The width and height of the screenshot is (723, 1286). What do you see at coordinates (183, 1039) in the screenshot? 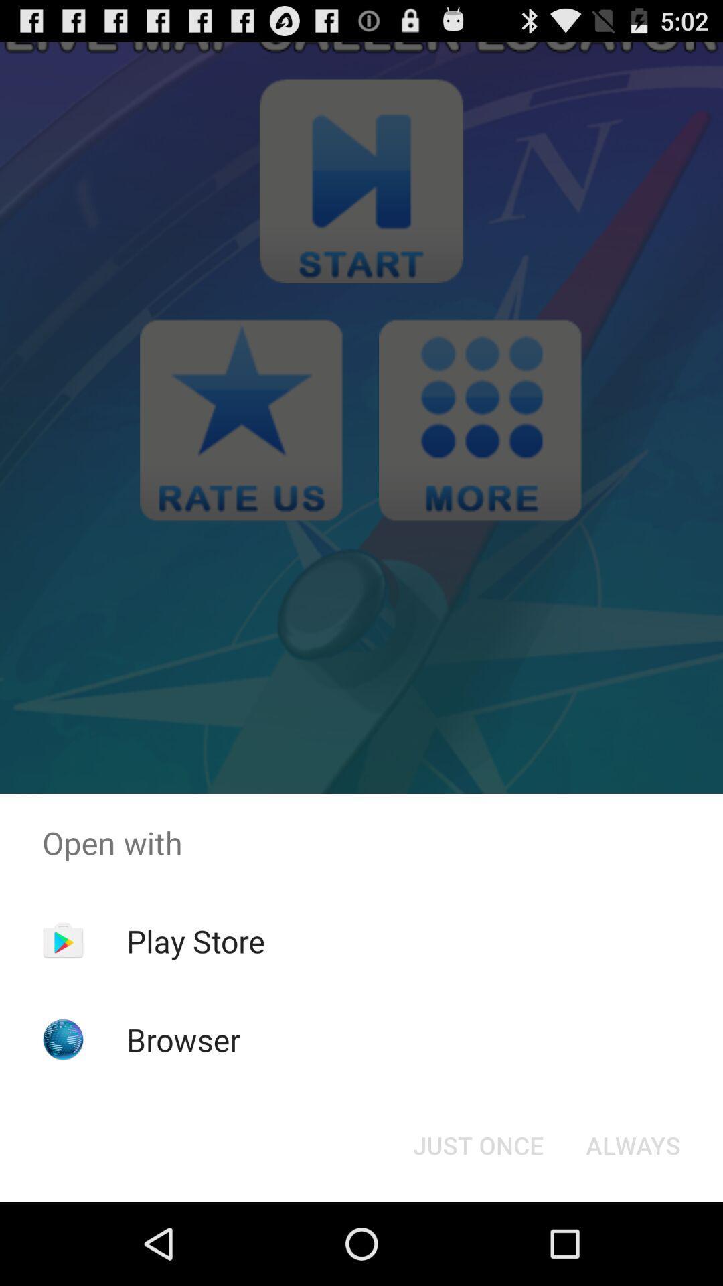
I see `item below play store icon` at bounding box center [183, 1039].